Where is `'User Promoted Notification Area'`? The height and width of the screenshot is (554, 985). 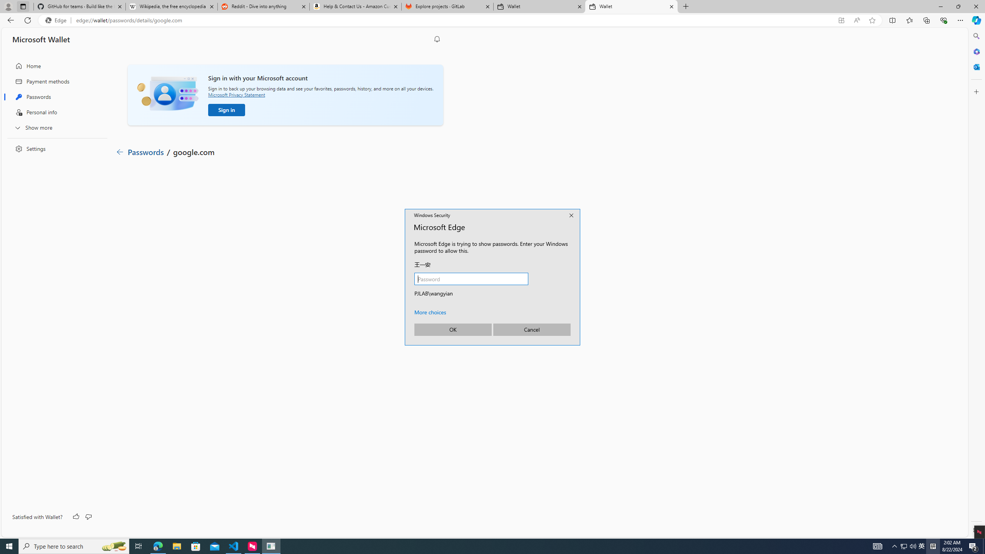
'User Promoted Notification Area' is located at coordinates (908, 546).